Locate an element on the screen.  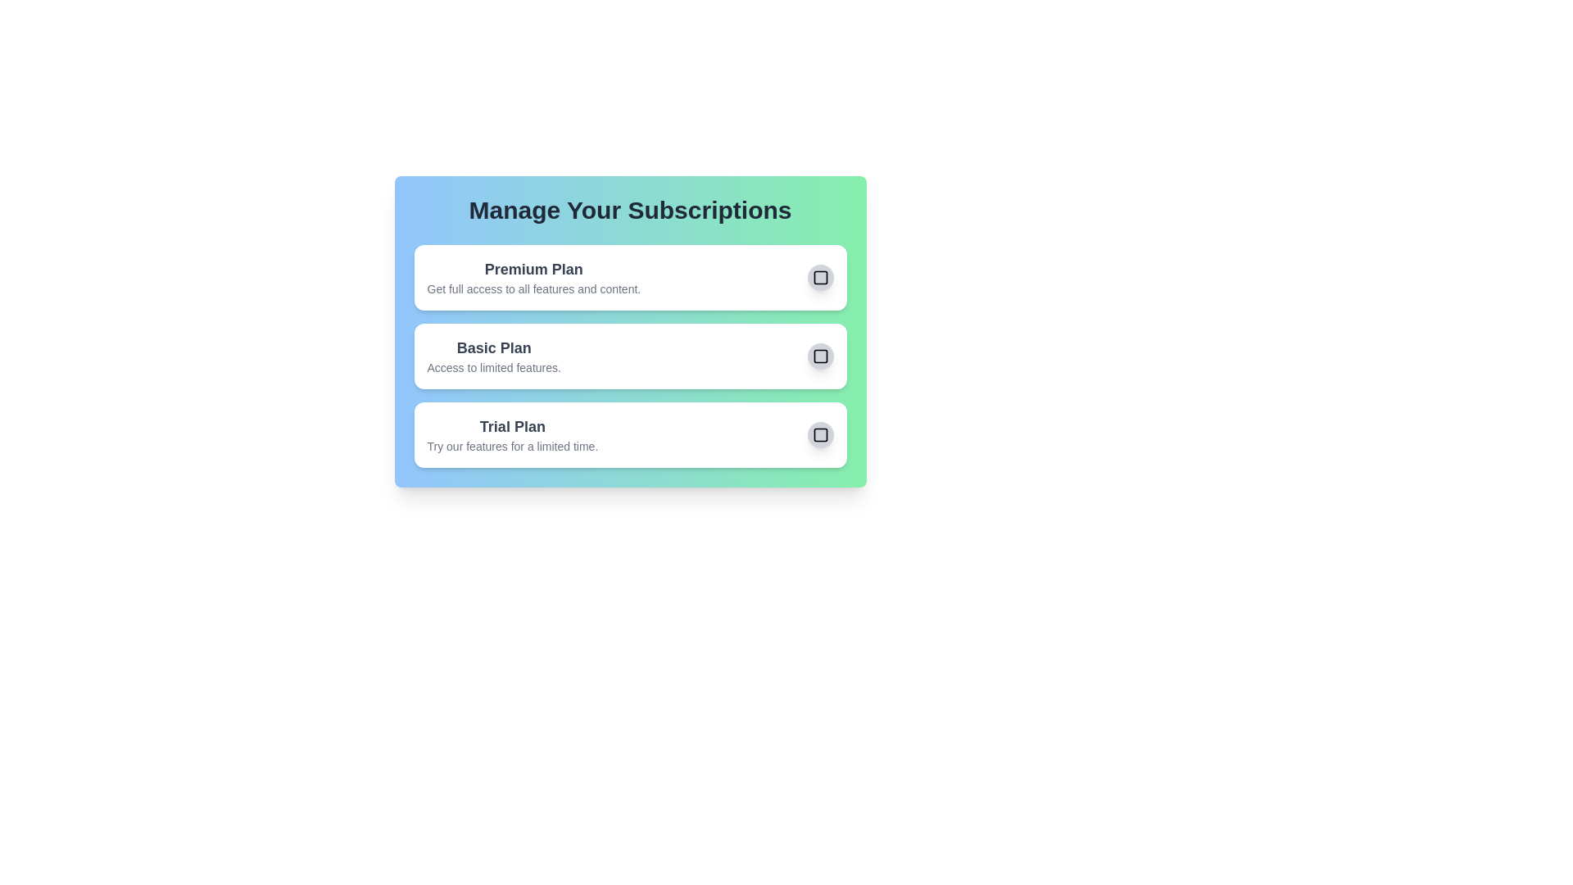
the descriptive text for the 'Premium Plan' located below the heading in the first section of the subscription options to possibly reveal a tooltip or additional information is located at coordinates (533, 288).